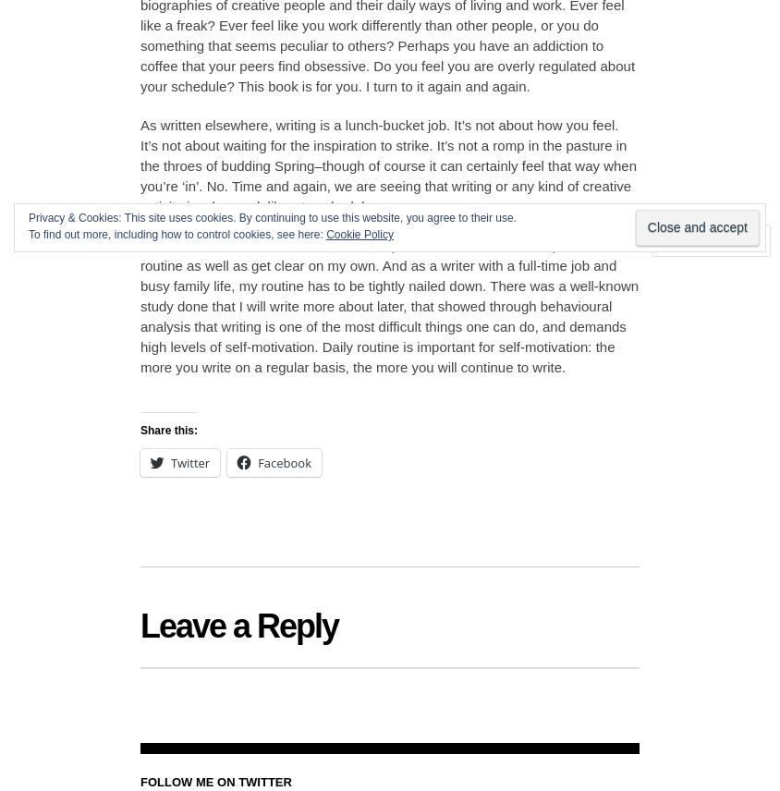 This screenshot has height=791, width=780. Describe the element at coordinates (388, 164) in the screenshot. I see `'As written elsewhere, writing is a lunch-bucket job. It’s not about how you feel. It’s not about waiting for the inspiration to strike. It’s not a romp in the pasture in the throes of budding Spring–though of course it can certainly feel that way when you’re ‘in’. No. Time and again, we are seeing that writing or any kind of creative activity involves a deliberate schedule.'` at that location.